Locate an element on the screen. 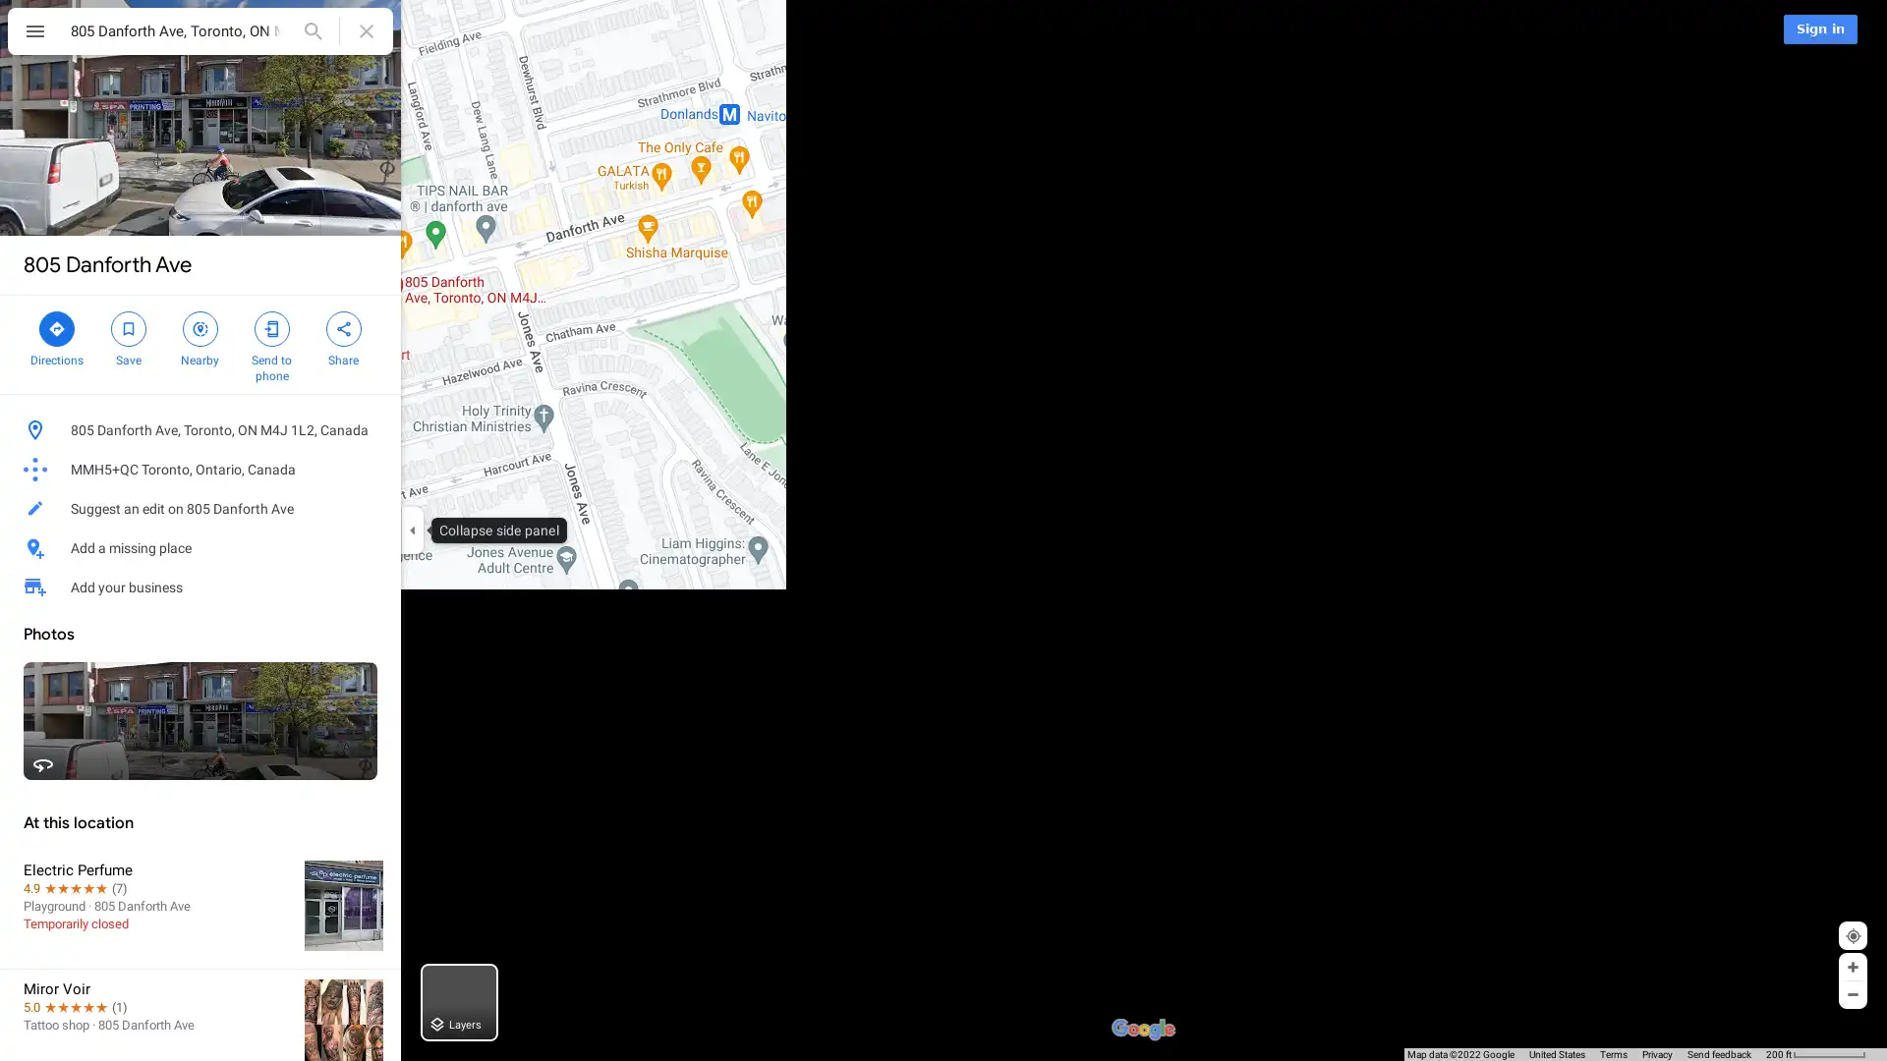 The height and width of the screenshot is (1061, 1887). Collapse side panel is located at coordinates (411, 530).